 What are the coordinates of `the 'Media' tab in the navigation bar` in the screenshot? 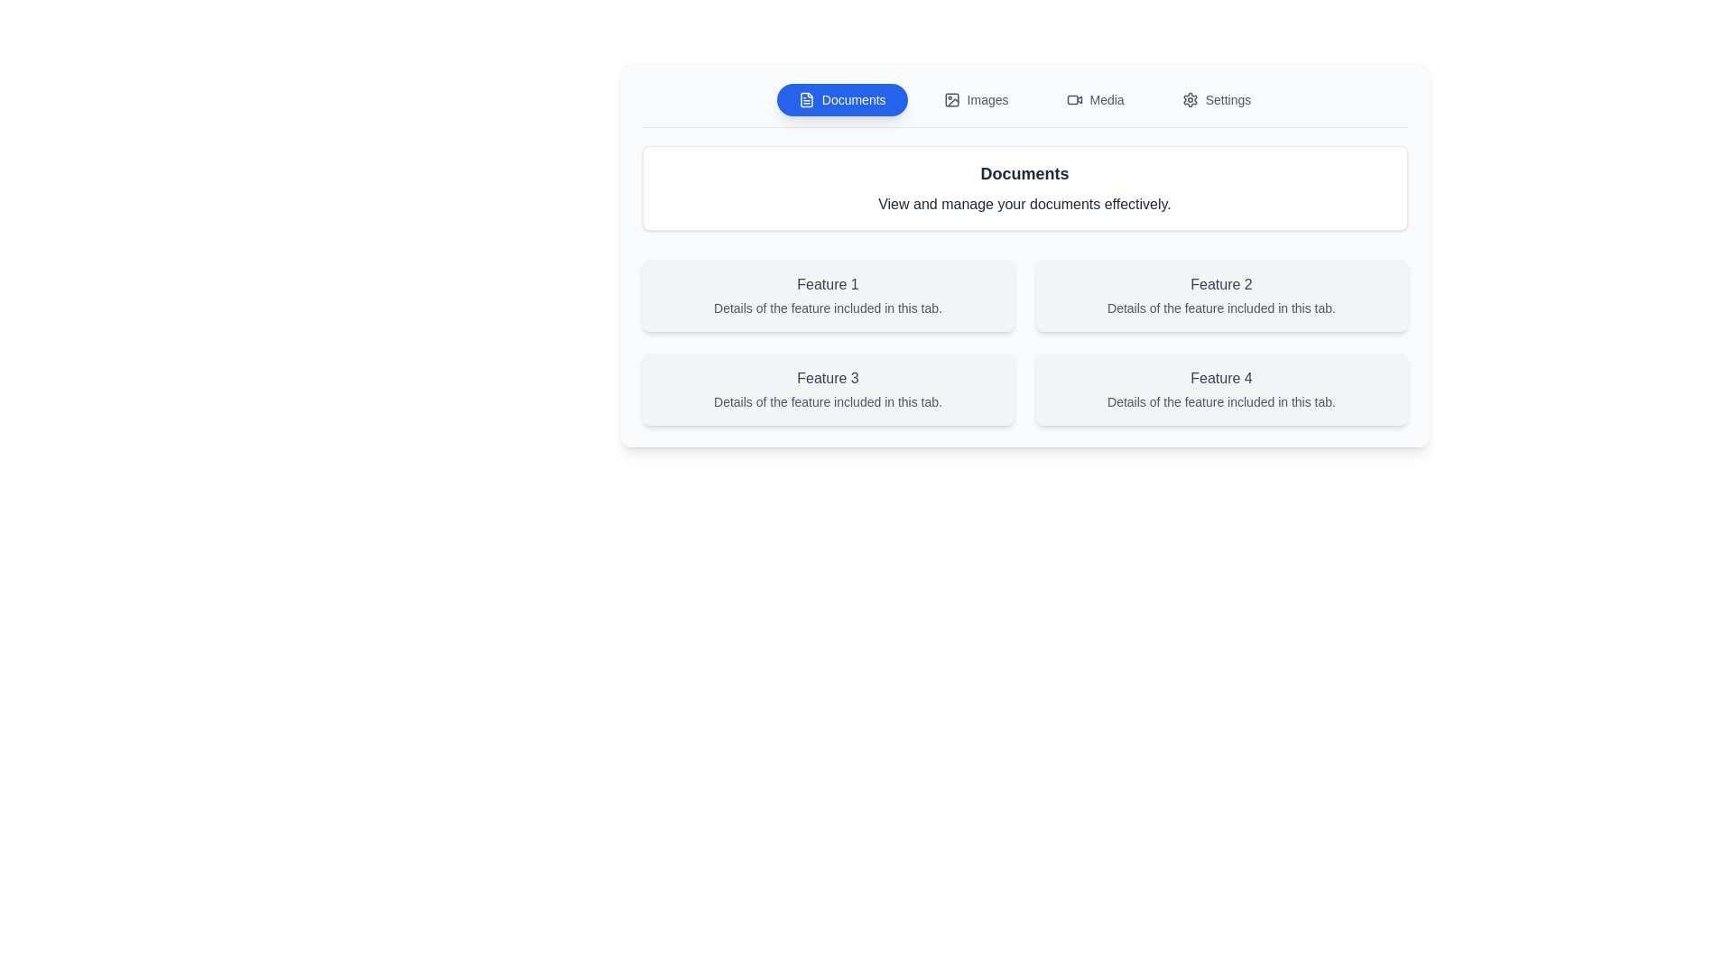 It's located at (1094, 100).